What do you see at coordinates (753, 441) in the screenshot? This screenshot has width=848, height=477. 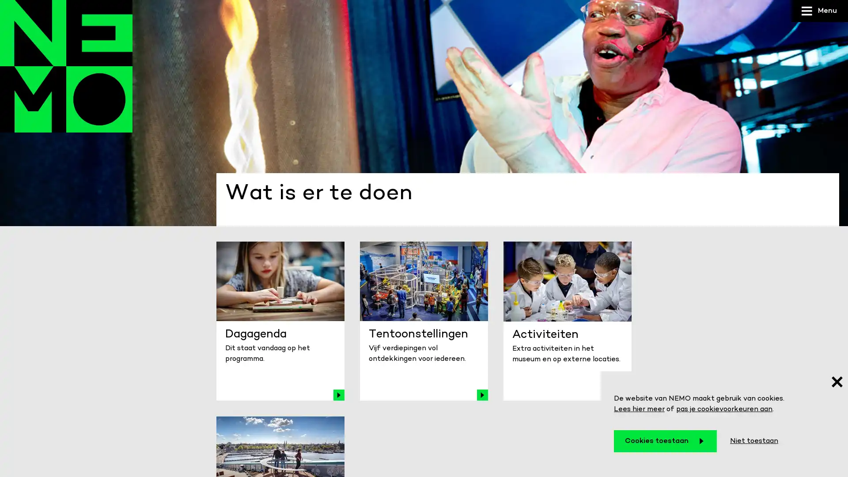 I see `Niet toestaan` at bounding box center [753, 441].